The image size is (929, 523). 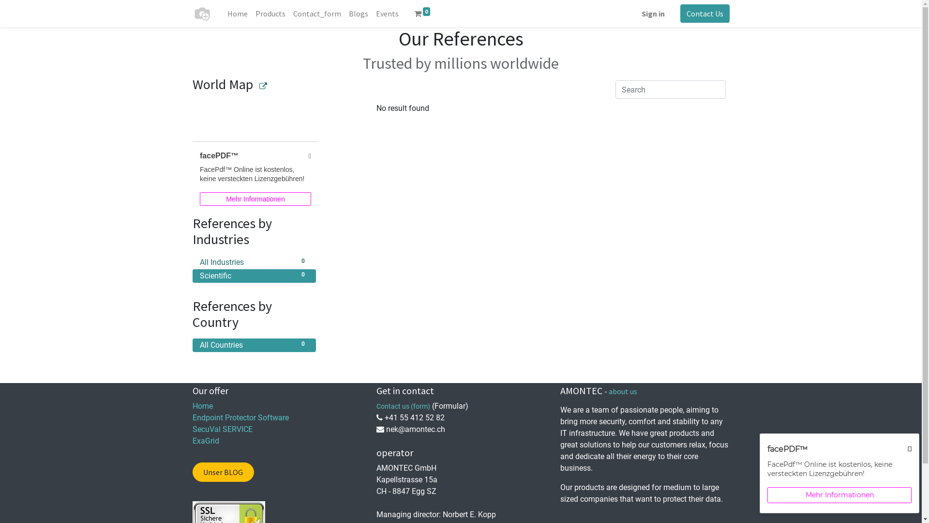 I want to click on 'Contact_form', so click(x=317, y=13).